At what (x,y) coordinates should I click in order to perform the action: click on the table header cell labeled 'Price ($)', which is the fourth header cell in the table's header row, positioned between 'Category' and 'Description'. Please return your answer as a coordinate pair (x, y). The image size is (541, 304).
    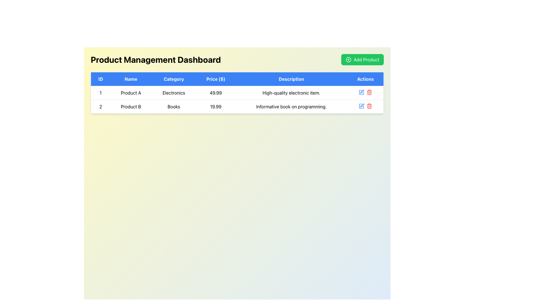
    Looking at the image, I should click on (215, 79).